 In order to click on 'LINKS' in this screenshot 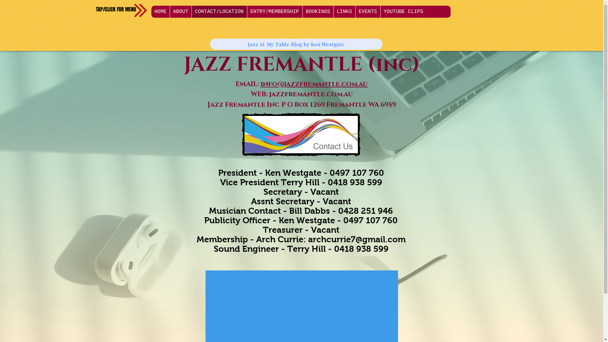, I will do `click(344, 12)`.